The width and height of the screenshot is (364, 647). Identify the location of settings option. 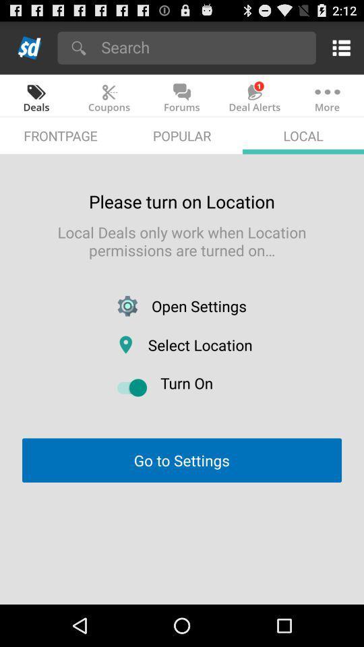
(338, 47).